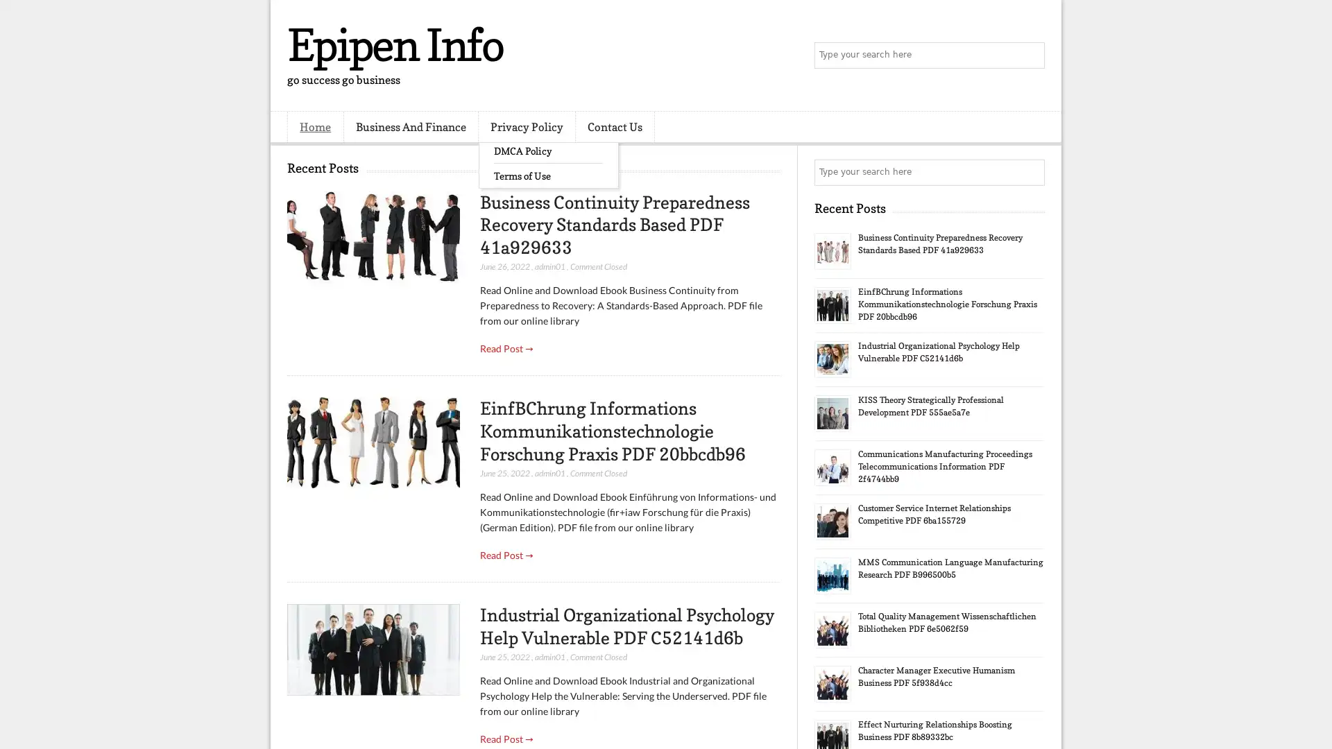 Image resolution: width=1332 pixels, height=749 pixels. What do you see at coordinates (1030, 172) in the screenshot?
I see `Search` at bounding box center [1030, 172].